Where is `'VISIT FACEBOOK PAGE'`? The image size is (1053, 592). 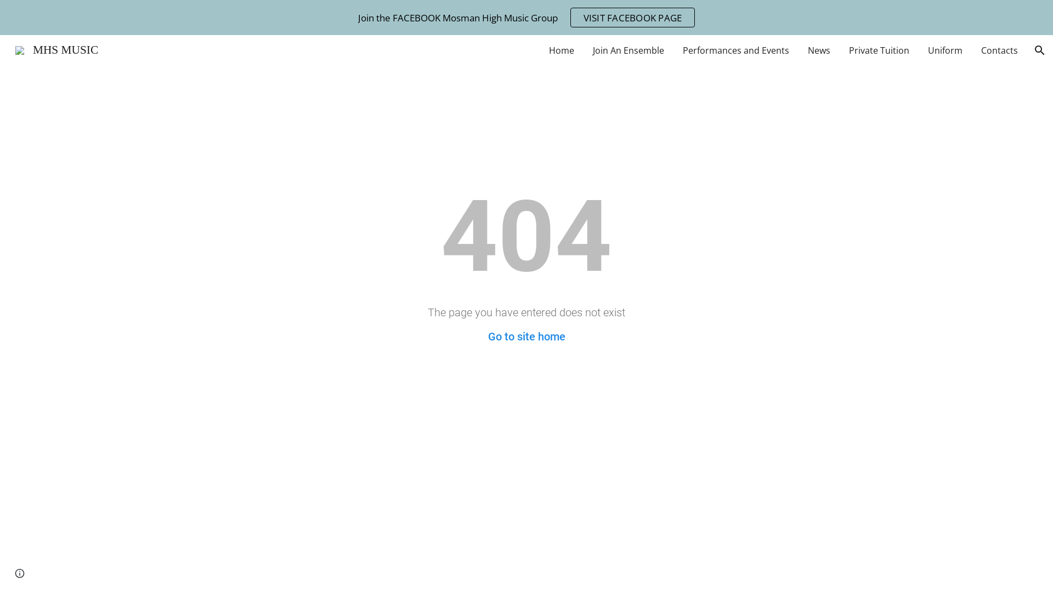 'VISIT FACEBOOK PAGE' is located at coordinates (632, 17).